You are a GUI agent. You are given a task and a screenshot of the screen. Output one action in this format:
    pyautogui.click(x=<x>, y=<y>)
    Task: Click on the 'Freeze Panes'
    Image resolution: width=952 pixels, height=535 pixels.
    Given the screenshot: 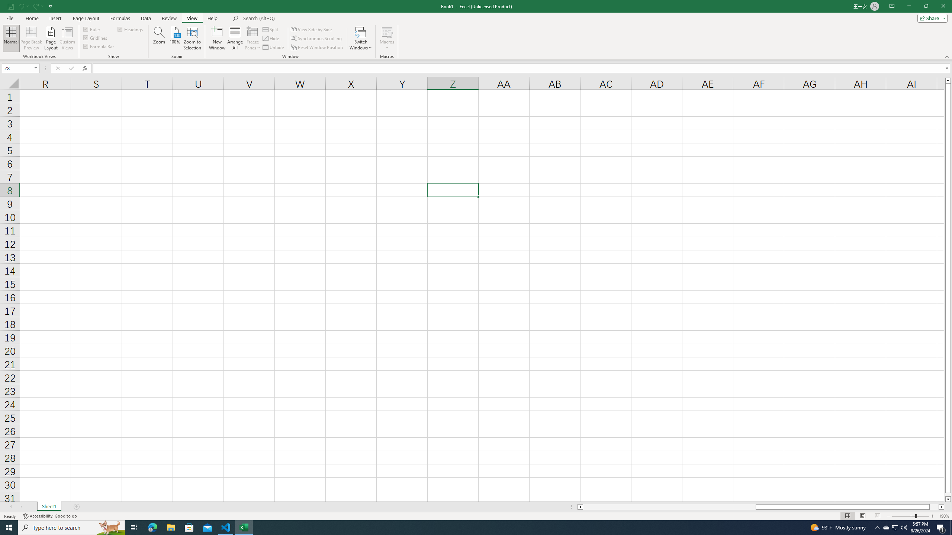 What is the action you would take?
    pyautogui.click(x=252, y=38)
    